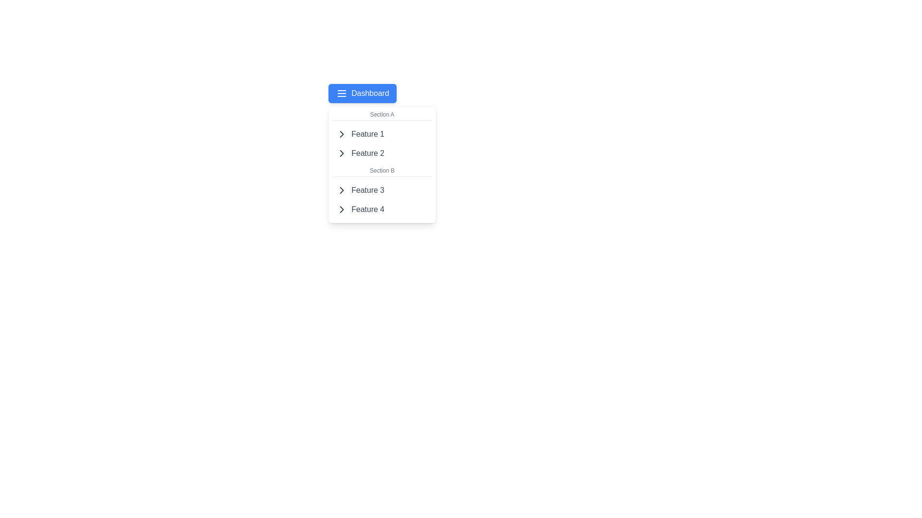  What do you see at coordinates (382, 153) in the screenshot?
I see `the interactive menu item labeled 'Feature 2'` at bounding box center [382, 153].